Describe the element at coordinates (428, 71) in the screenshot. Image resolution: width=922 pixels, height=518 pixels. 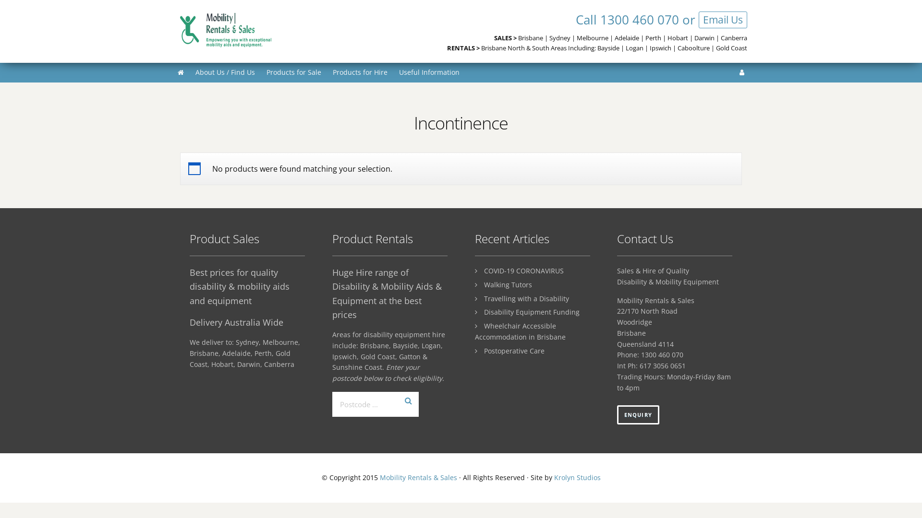
I see `'Useful Information'` at that location.